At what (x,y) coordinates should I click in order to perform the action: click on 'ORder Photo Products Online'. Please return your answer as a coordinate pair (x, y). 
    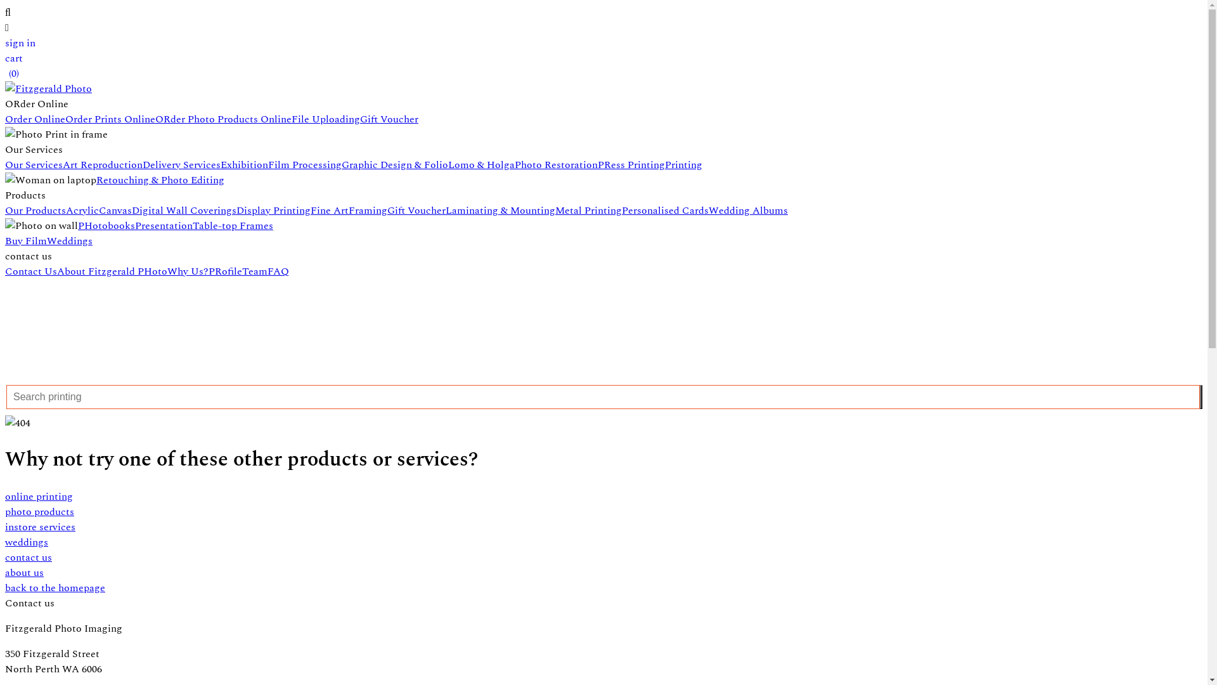
    Looking at the image, I should click on (223, 119).